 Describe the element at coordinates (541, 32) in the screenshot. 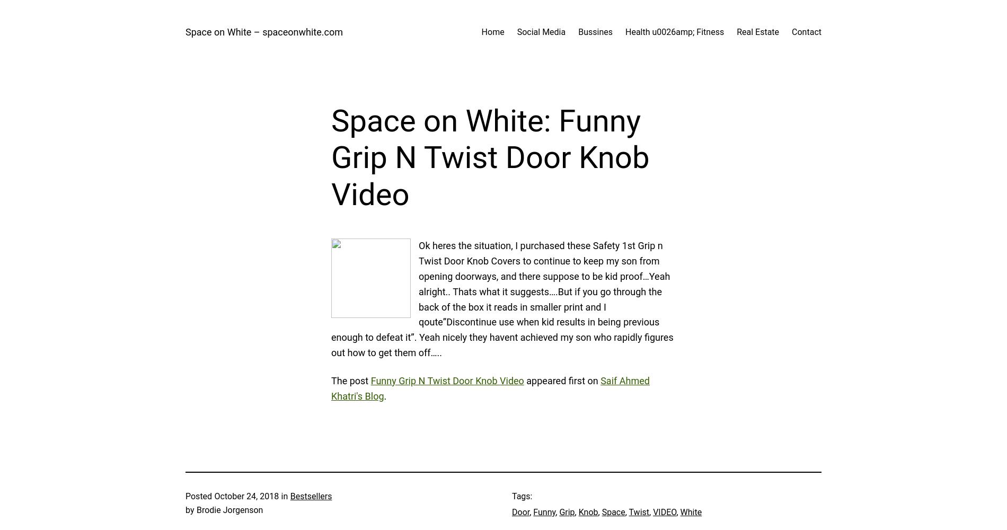

I see `'Social Media'` at that location.